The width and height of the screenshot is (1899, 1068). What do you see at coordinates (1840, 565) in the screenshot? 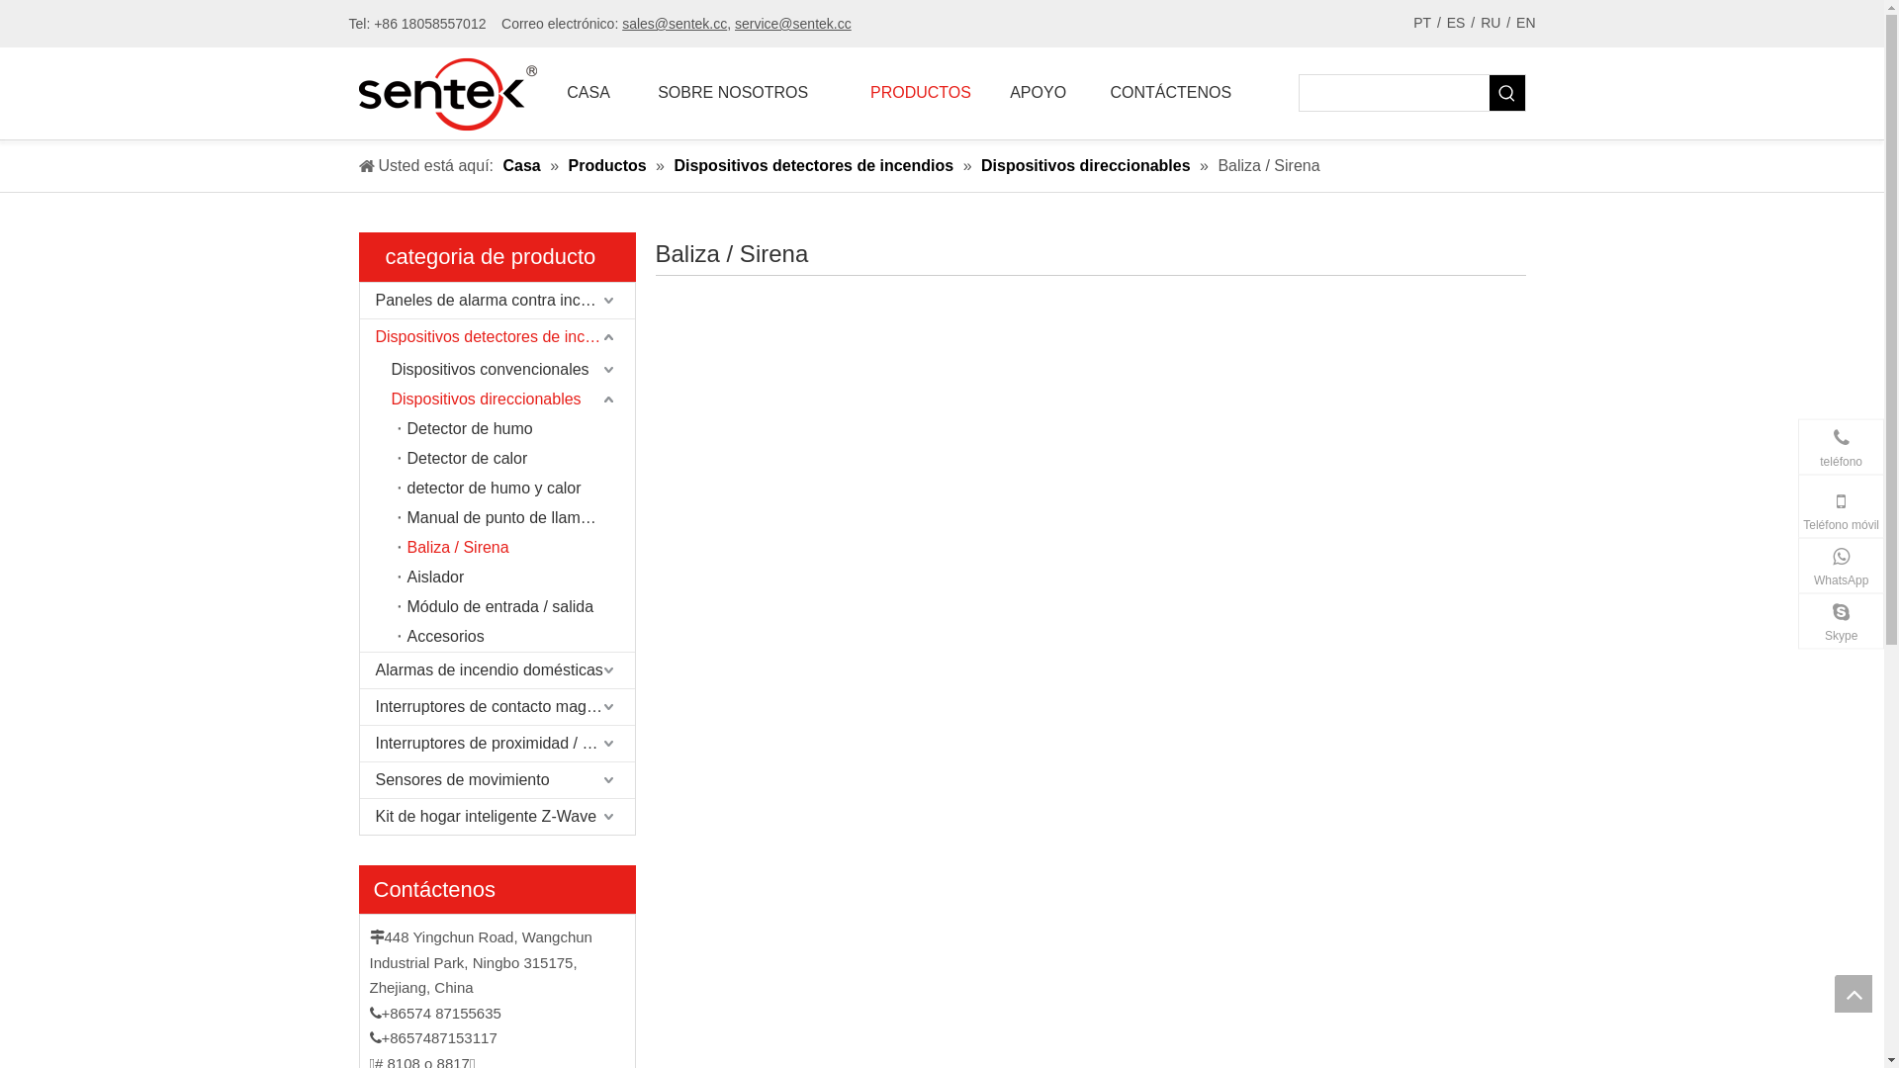
I see `'WhatsApp'` at bounding box center [1840, 565].